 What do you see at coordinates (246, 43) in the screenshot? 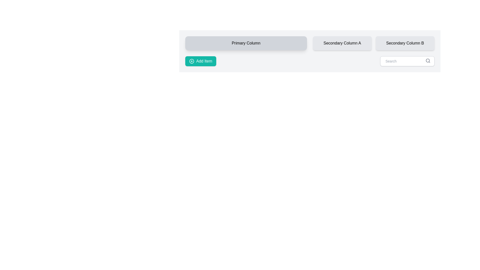
I see `the static label or section header with the bold text 'Primary Column', which is a rounded rectangular box styled with a gray background` at bounding box center [246, 43].